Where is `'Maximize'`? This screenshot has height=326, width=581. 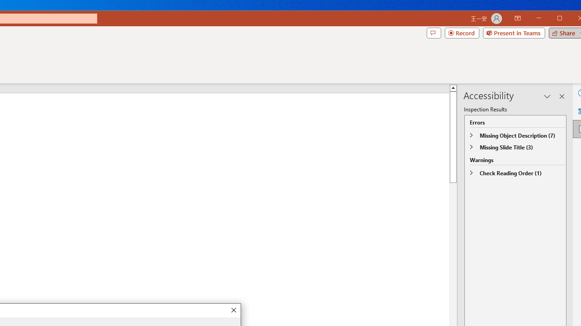
'Maximize' is located at coordinates (572, 19).